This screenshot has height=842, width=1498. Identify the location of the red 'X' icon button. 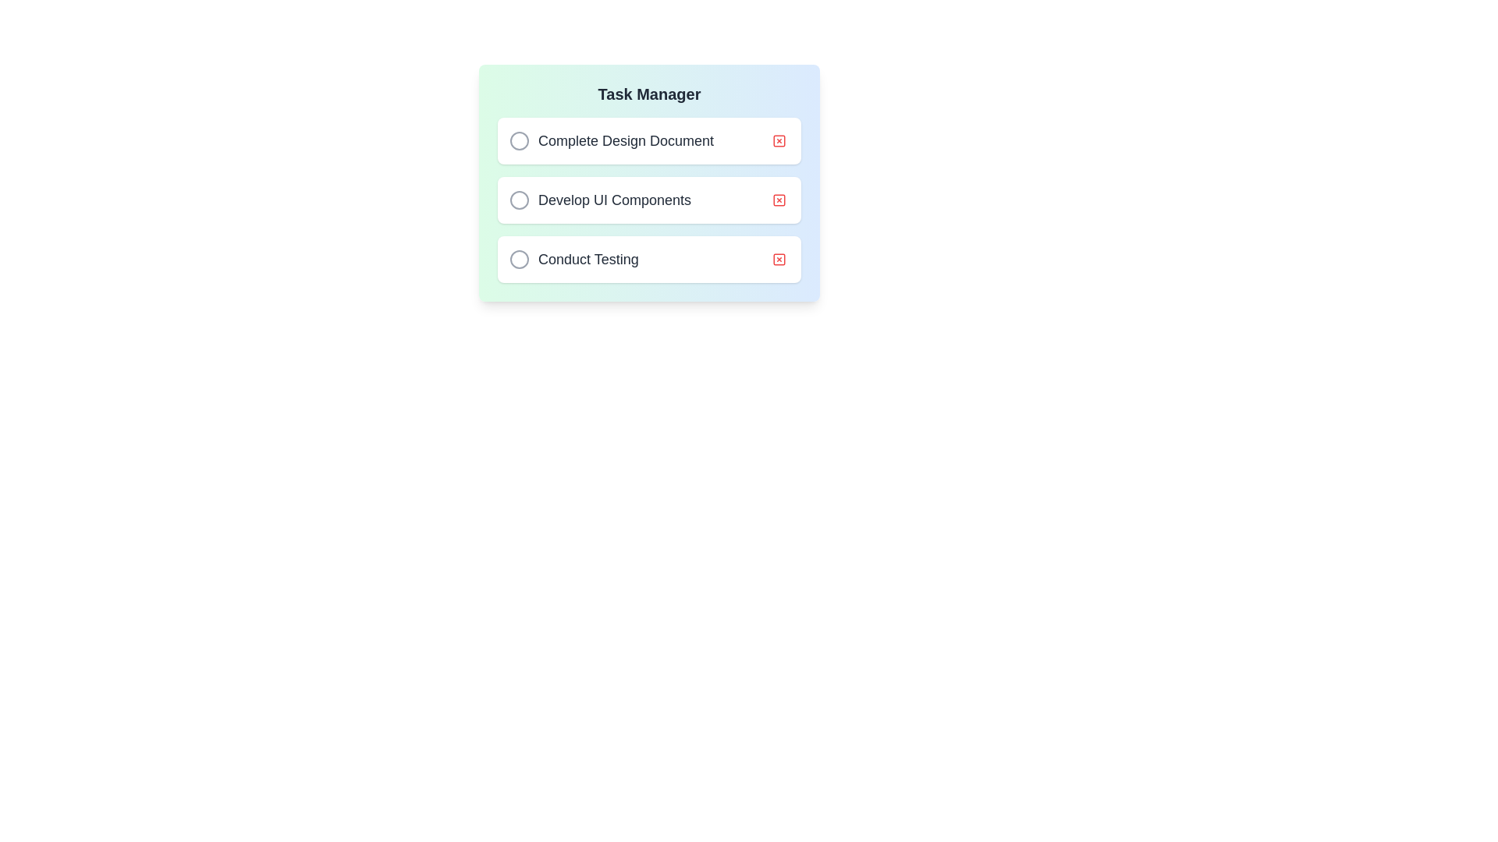
(779, 141).